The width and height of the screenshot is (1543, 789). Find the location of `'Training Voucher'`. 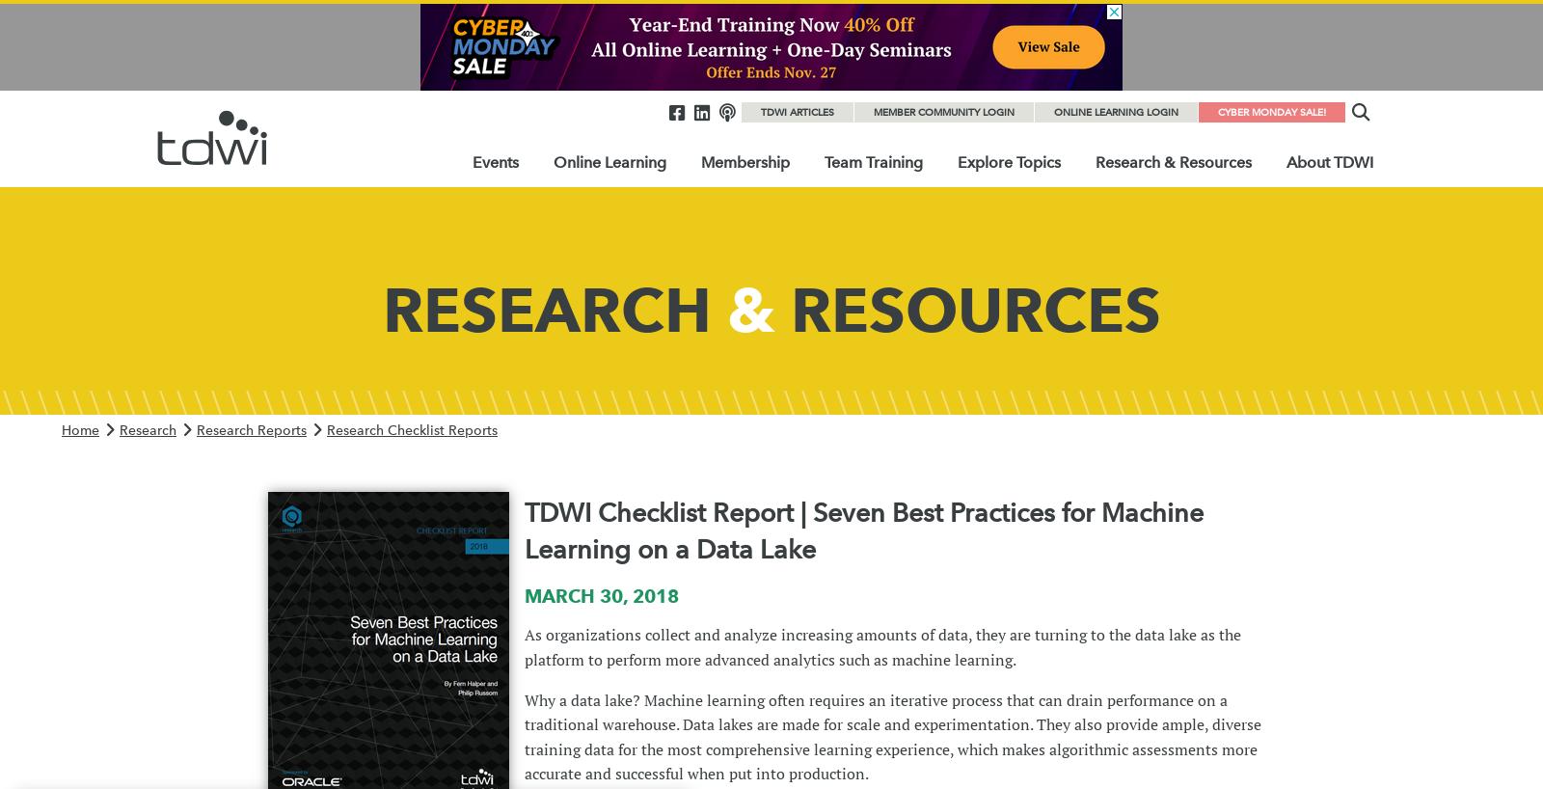

'Training Voucher' is located at coordinates (885, 287).